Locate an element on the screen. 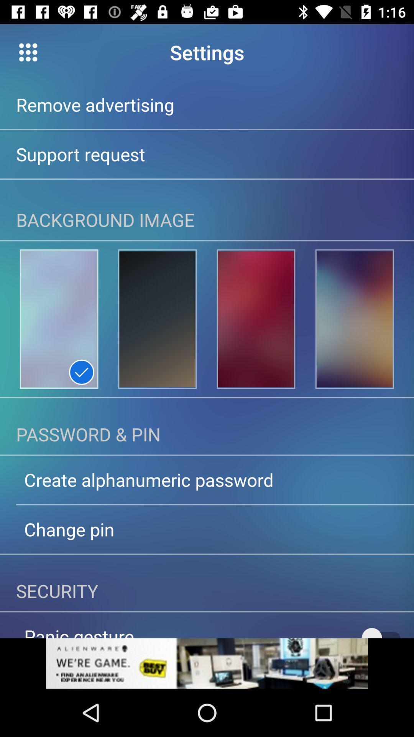 This screenshot has width=414, height=737. main menu is located at coordinates (28, 52).